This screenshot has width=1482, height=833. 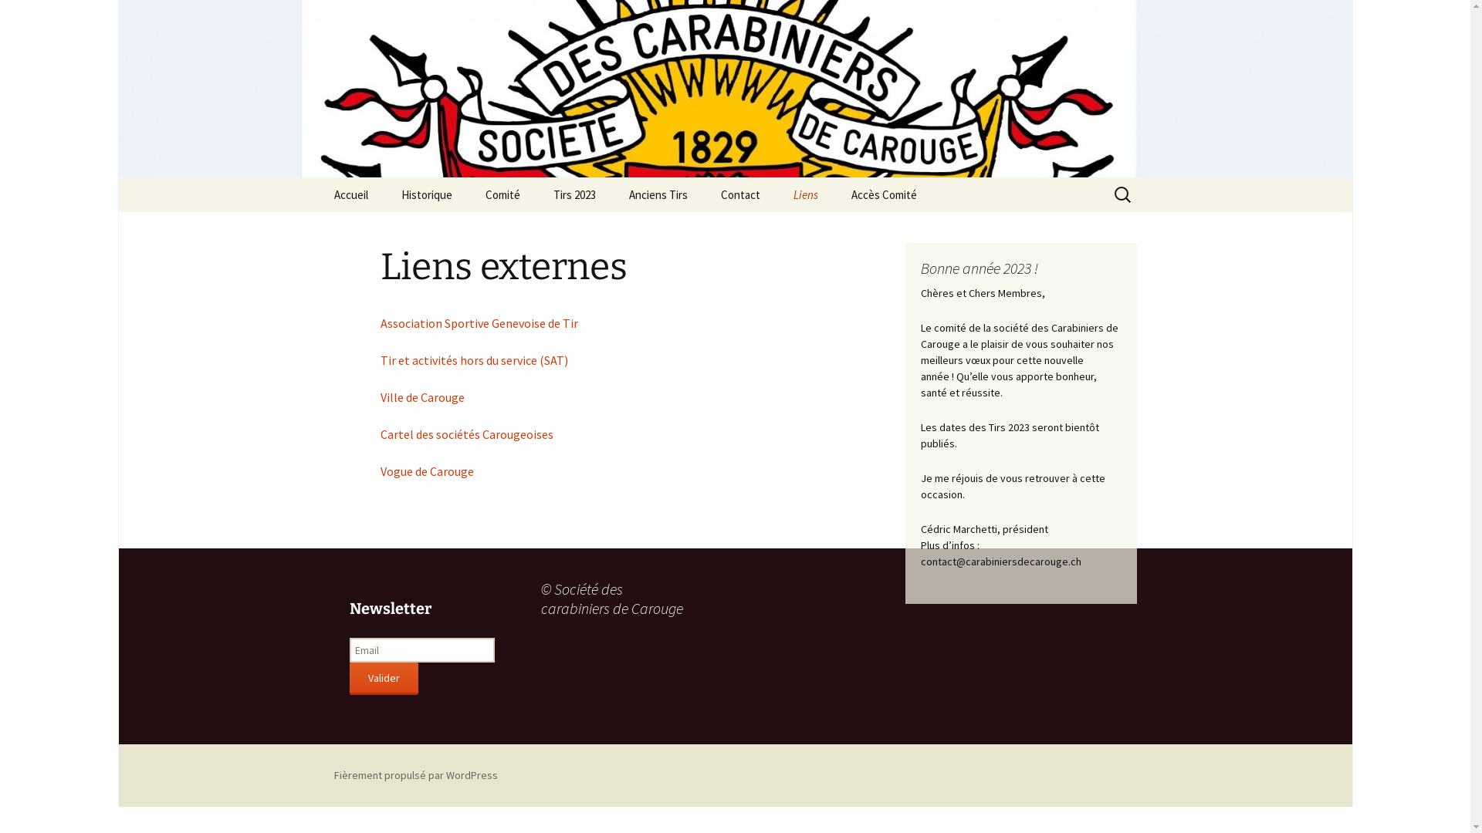 I want to click on 'Ville de Carouge', so click(x=421, y=396).